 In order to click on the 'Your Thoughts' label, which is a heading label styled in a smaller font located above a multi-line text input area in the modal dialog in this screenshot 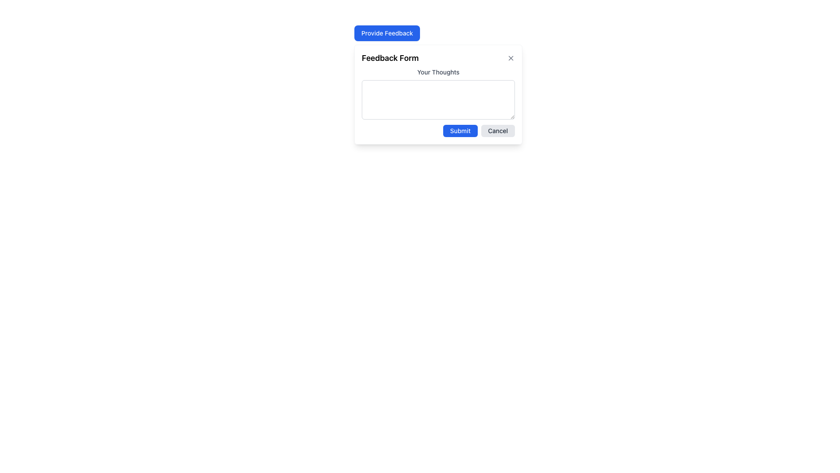, I will do `click(438, 72)`.